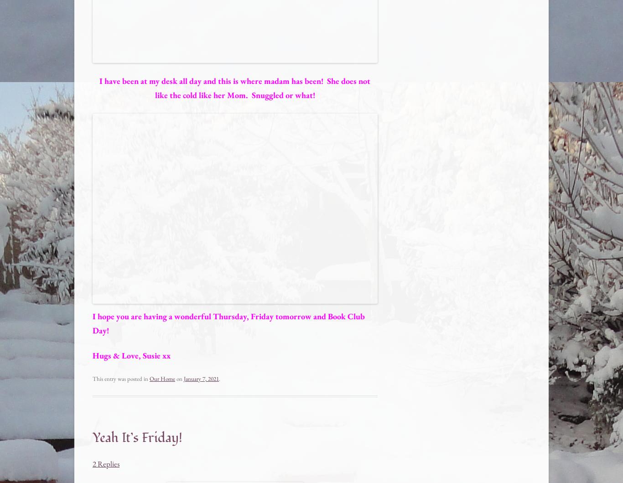 The height and width of the screenshot is (483, 623). Describe the element at coordinates (228, 323) in the screenshot. I see `'I hope you are having a wonderful Thursday, Friday tomorrow and Book Club Day!'` at that location.